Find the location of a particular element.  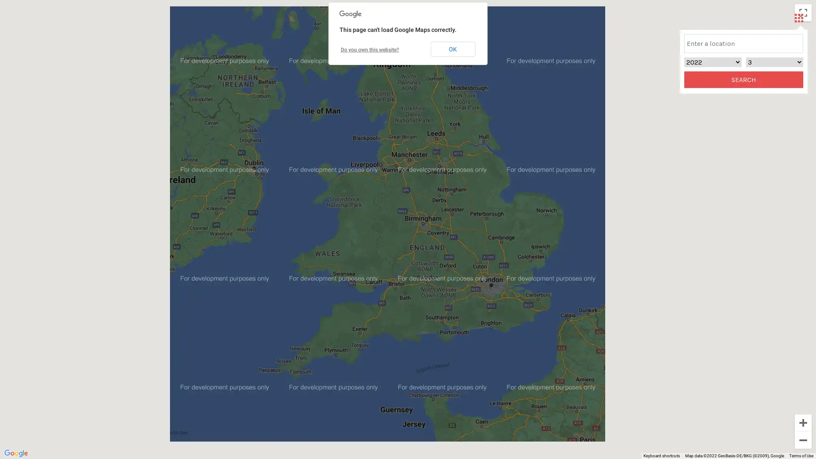

Zoom out is located at coordinates (803, 440).